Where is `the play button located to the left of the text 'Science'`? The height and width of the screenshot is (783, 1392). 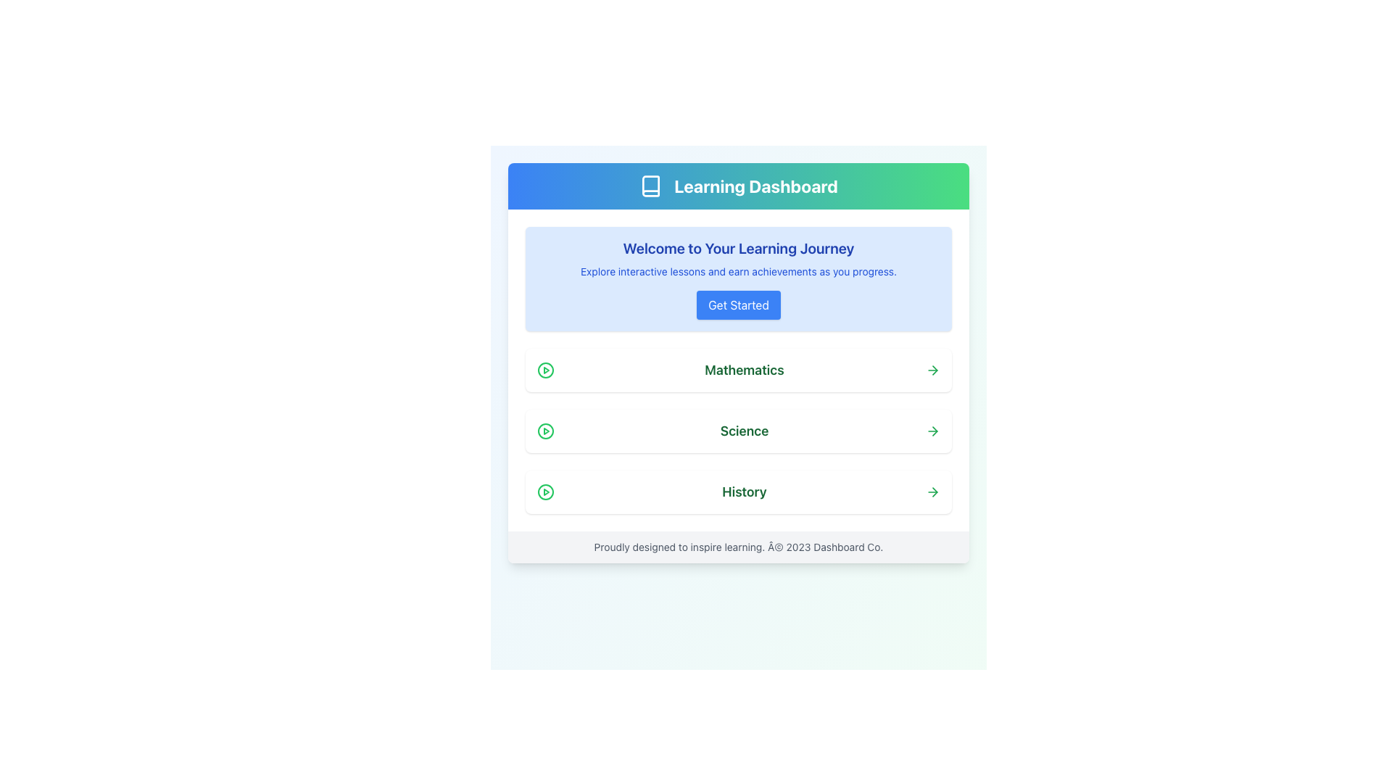
the play button located to the left of the text 'Science' is located at coordinates (545, 430).